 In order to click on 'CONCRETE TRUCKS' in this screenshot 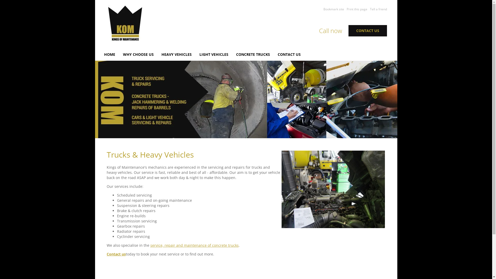, I will do `click(253, 54)`.